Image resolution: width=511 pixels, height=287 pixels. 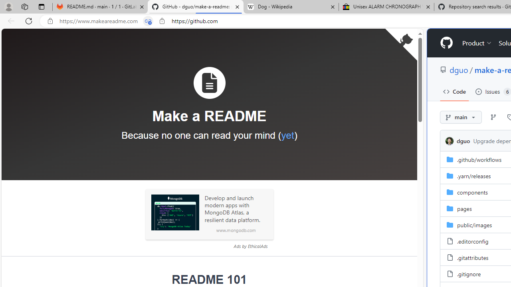 I want to click on 'public/images, (Directory)', so click(x=475, y=224).